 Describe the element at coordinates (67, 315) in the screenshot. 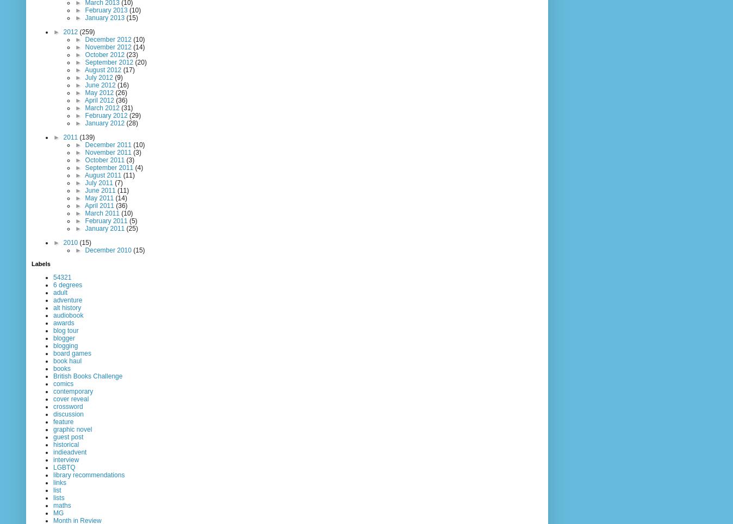

I see `'audiobook'` at that location.